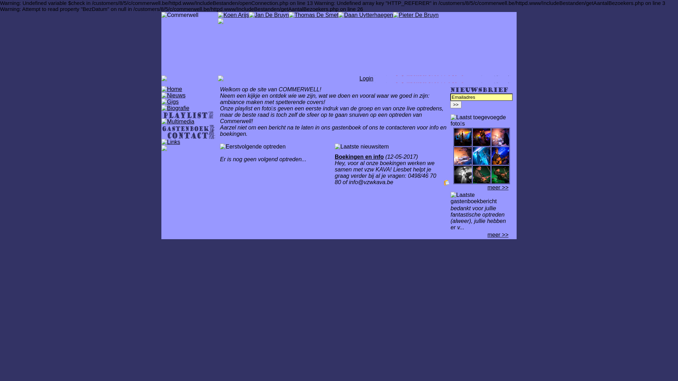  Describe the element at coordinates (456, 104) in the screenshot. I see `'>>'` at that location.